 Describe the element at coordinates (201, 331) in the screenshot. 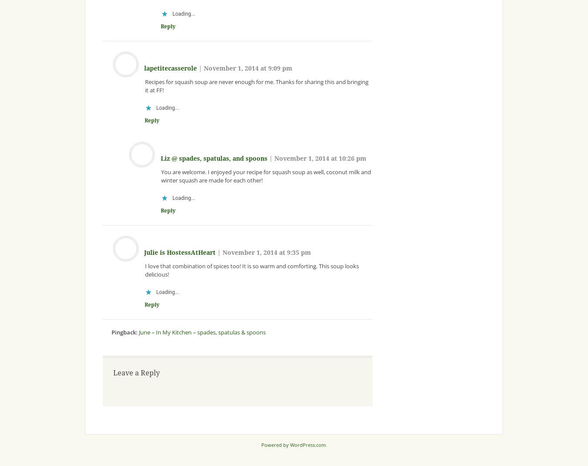

I see `'June – In My Kitchen – spades, spatulas & spoons'` at that location.